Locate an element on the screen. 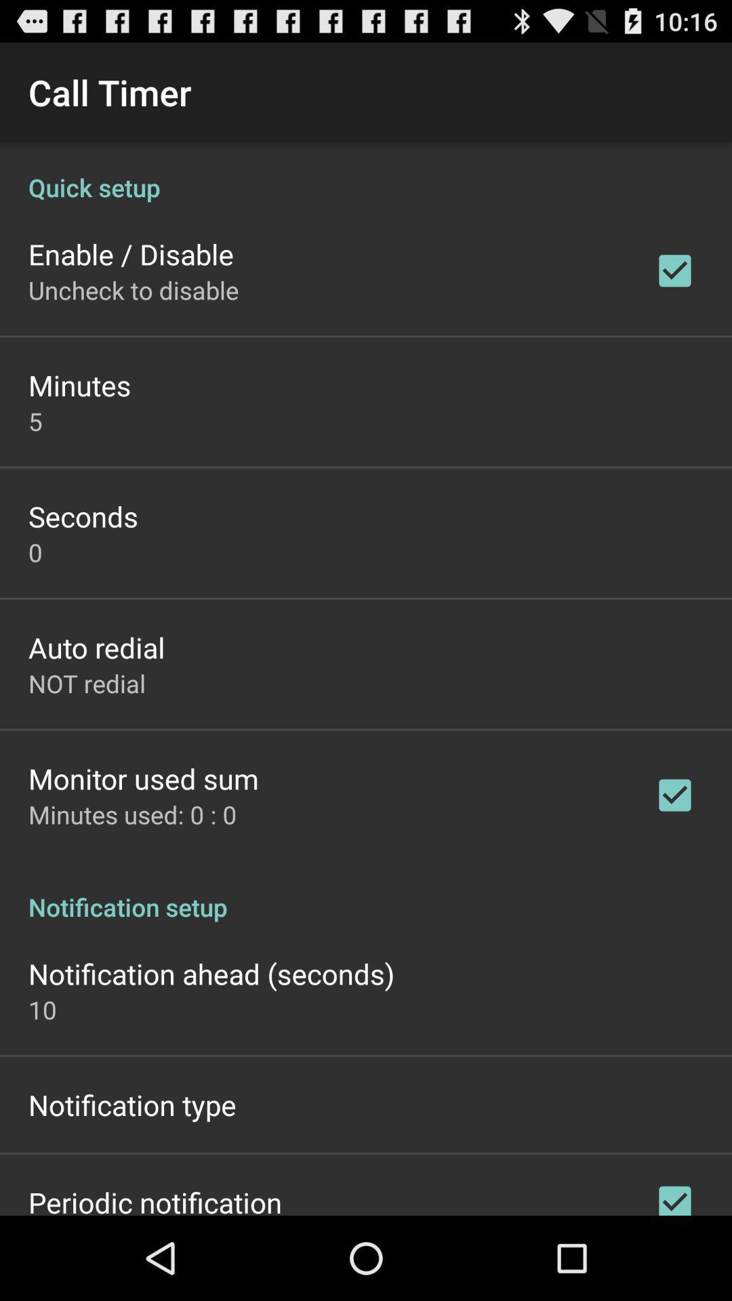 The image size is (732, 1301). the icon below notification type is located at coordinates (155, 1199).